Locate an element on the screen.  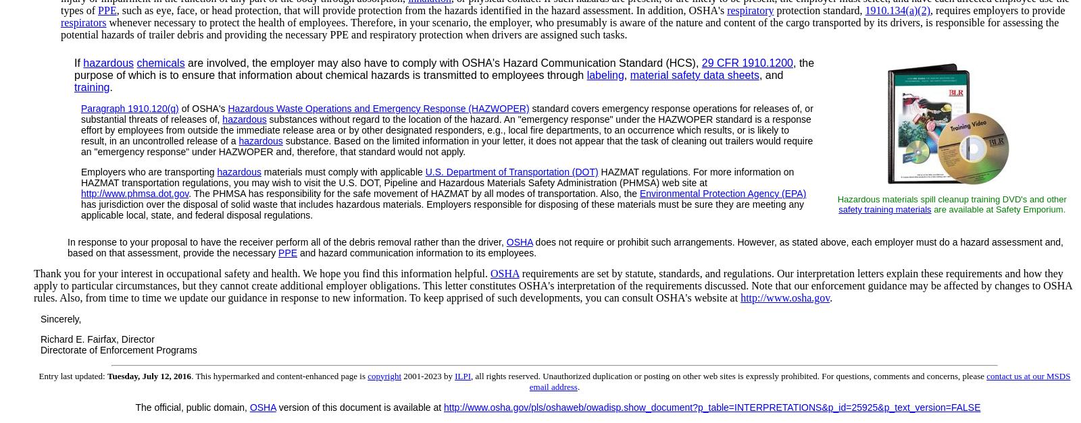
'has jurisdiction over the disposal of solid waste that includes hazardous materials. Employers responsible for disposing of these materials must be sure they are meeting any applicable local, state, and federal disposal regulations.' is located at coordinates (443, 208).